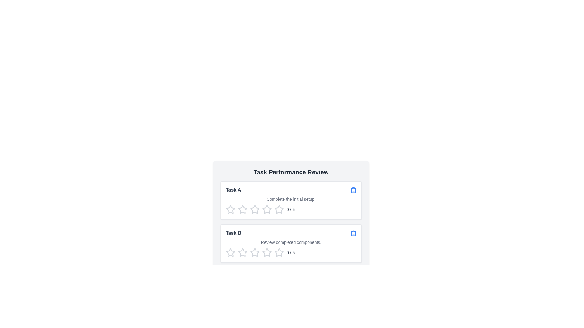 The image size is (584, 328). Describe the element at coordinates (290, 199) in the screenshot. I see `the text element displaying 'Complete the initial setup.' found within the content card labeled 'Task A', positioned below the card's title` at that location.